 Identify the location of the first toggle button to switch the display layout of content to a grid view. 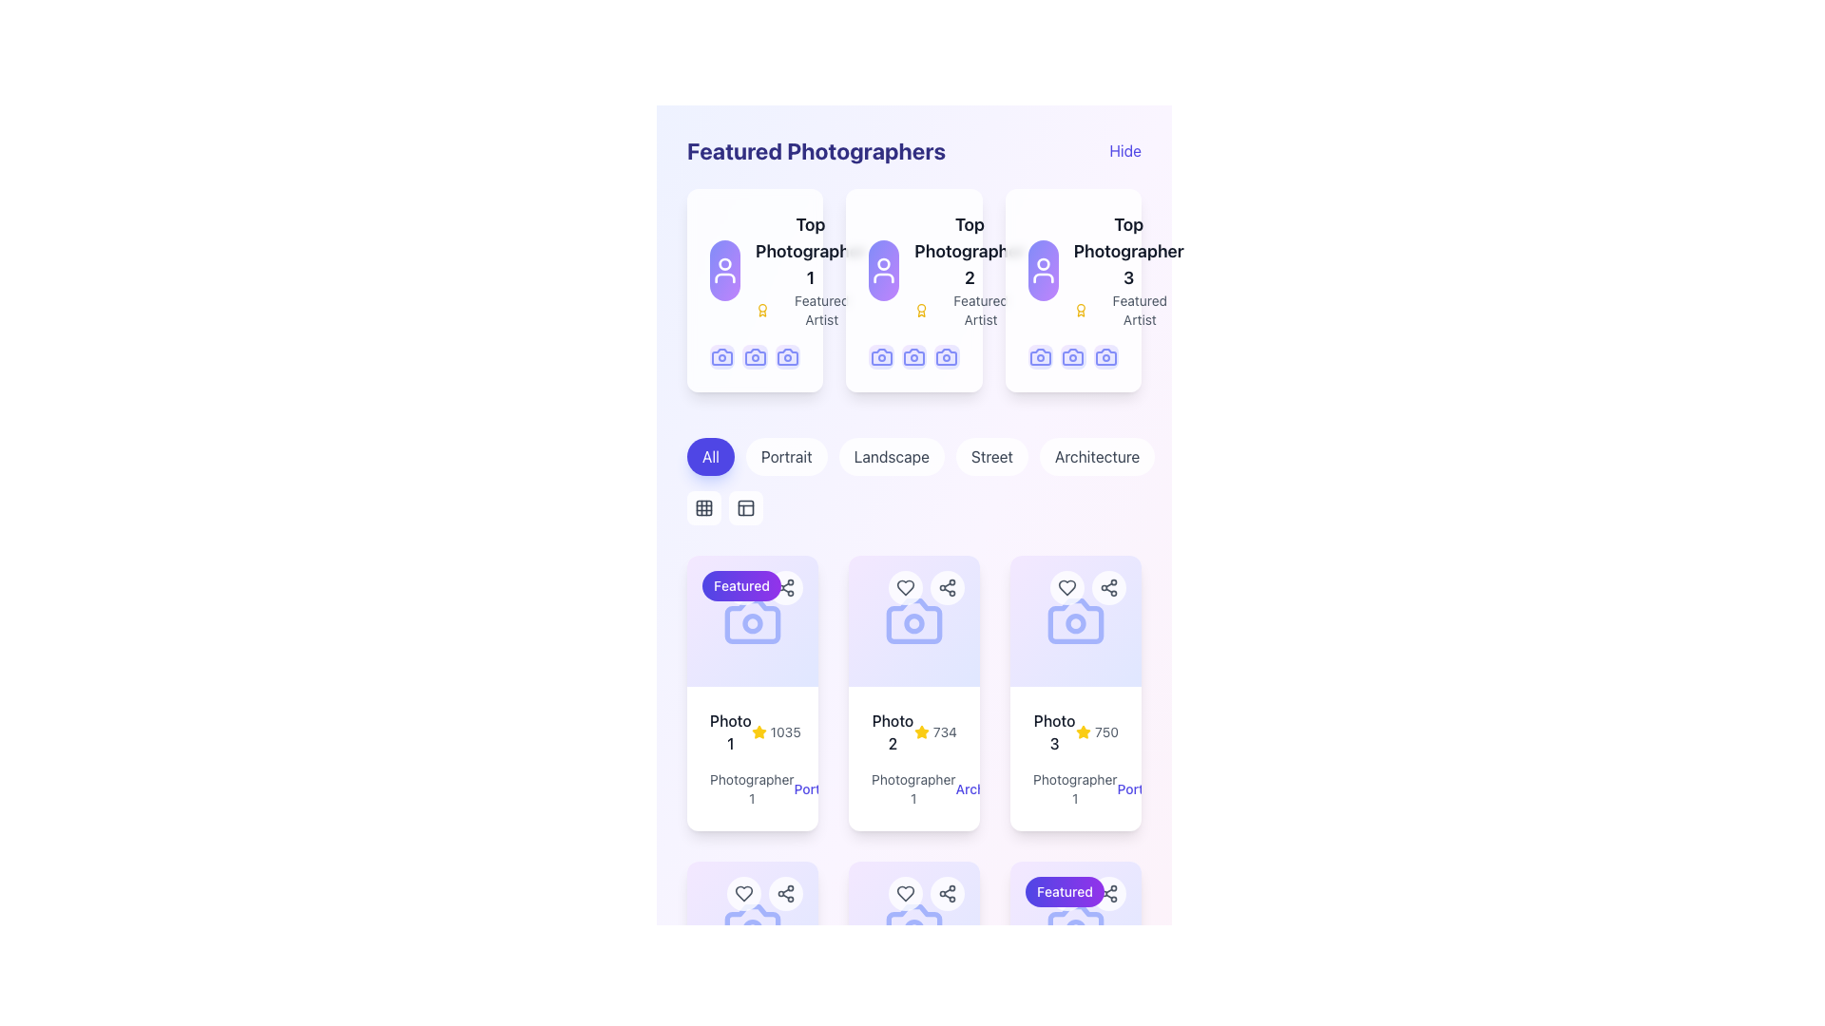
(702, 507).